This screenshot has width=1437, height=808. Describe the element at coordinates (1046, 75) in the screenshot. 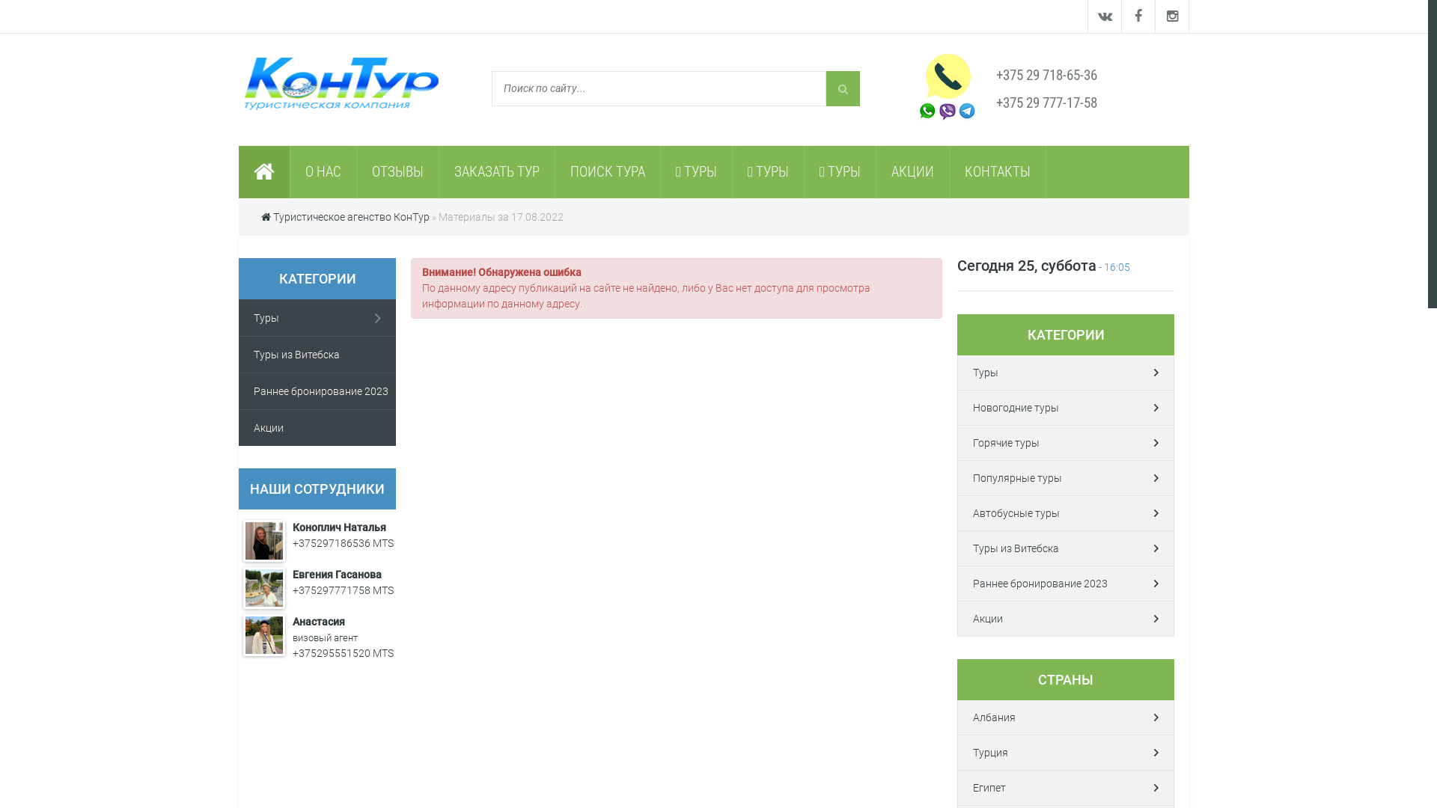

I see `'+375 29 718-65-36'` at that location.